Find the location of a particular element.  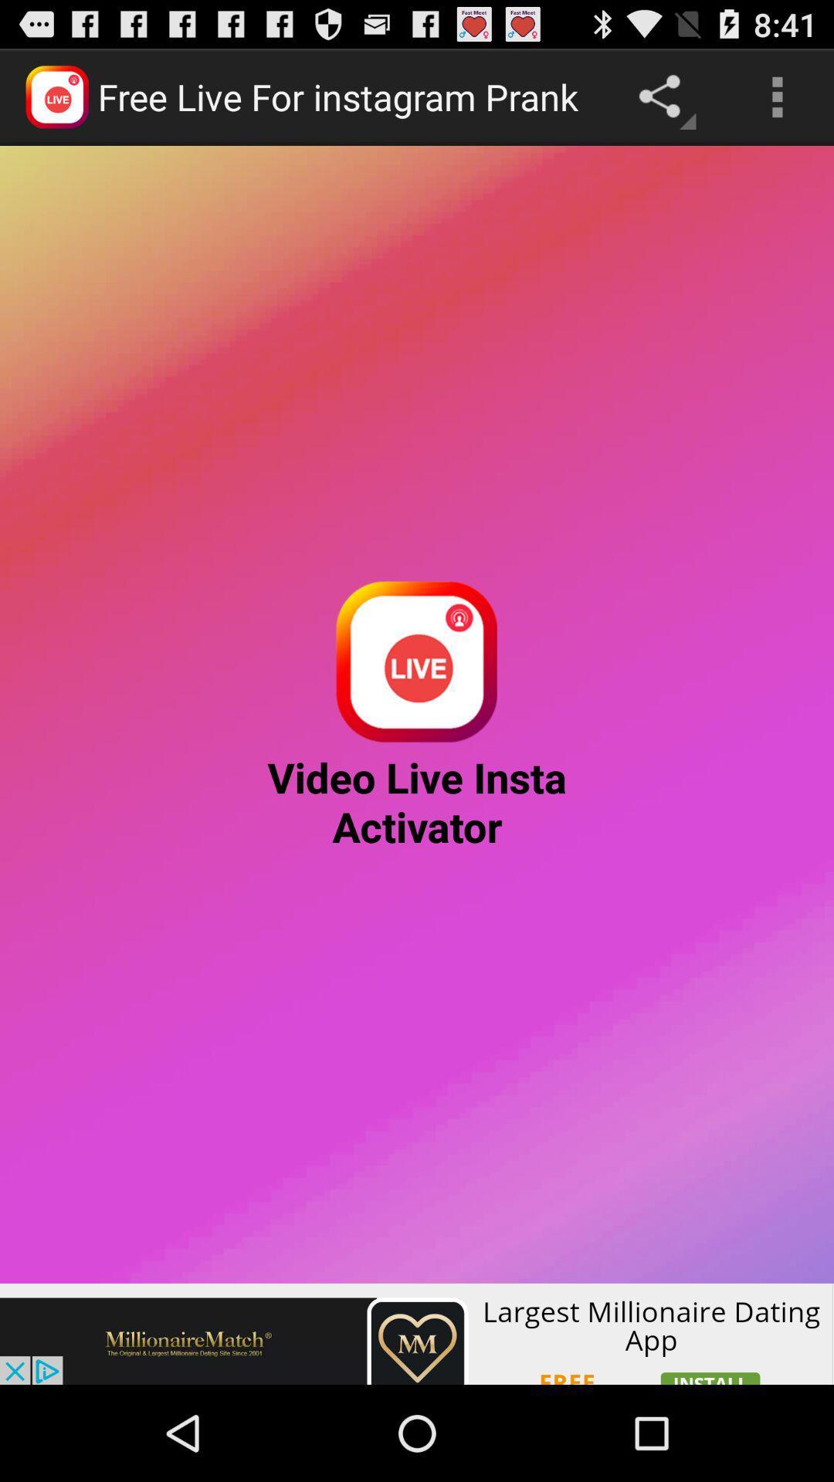

banner is located at coordinates (417, 1333).